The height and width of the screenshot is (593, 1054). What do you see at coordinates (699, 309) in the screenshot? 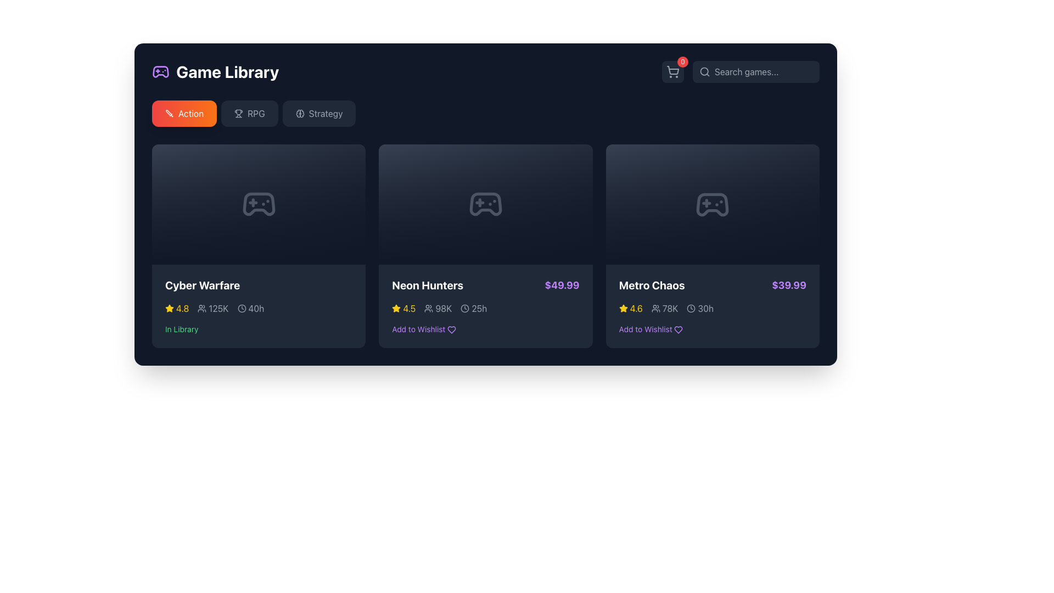
I see `displayed information from the Label showing '30h' next to a clock icon, located in the Metro Chaos game section` at bounding box center [699, 309].